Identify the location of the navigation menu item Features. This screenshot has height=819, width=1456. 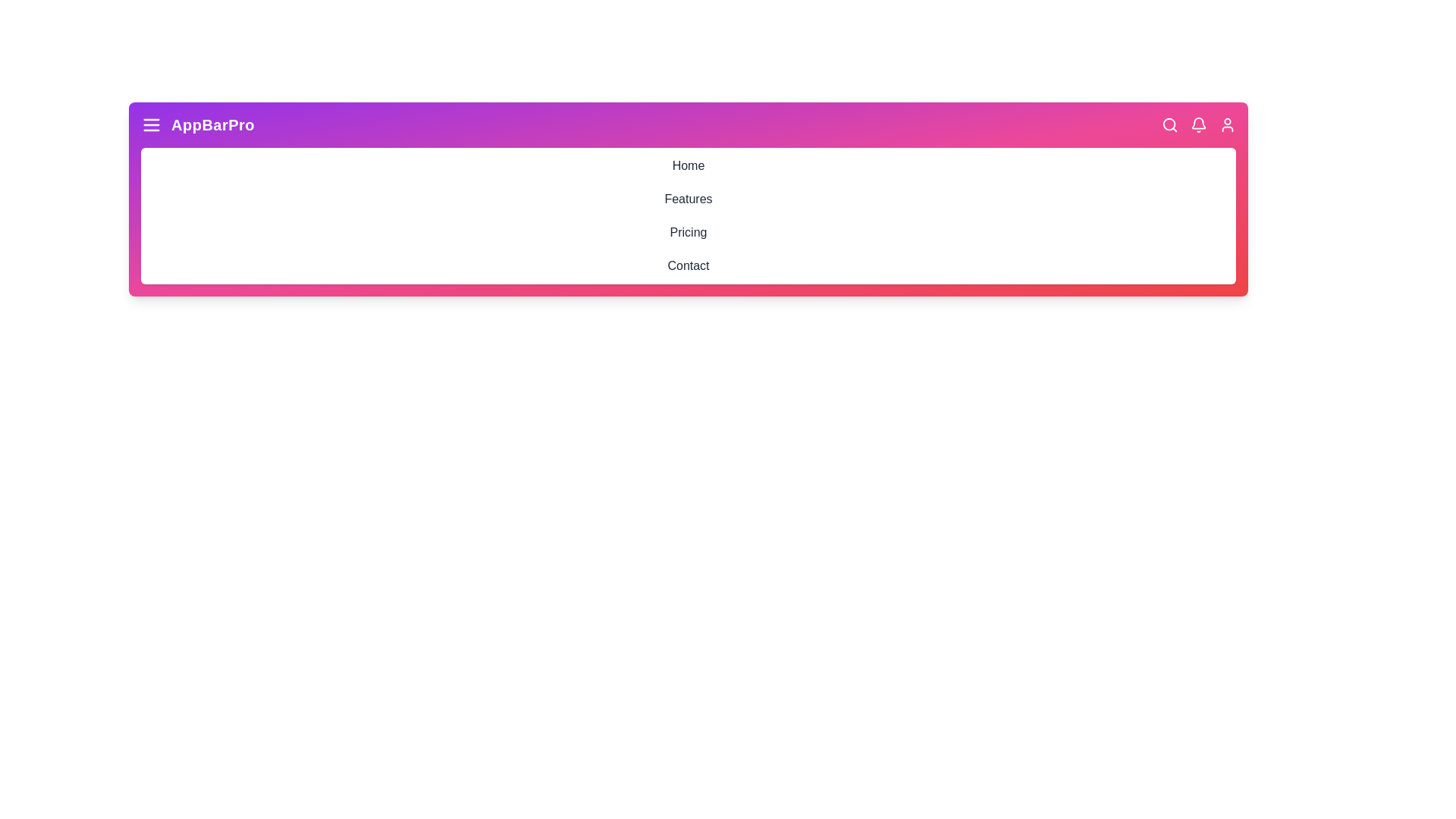
(687, 198).